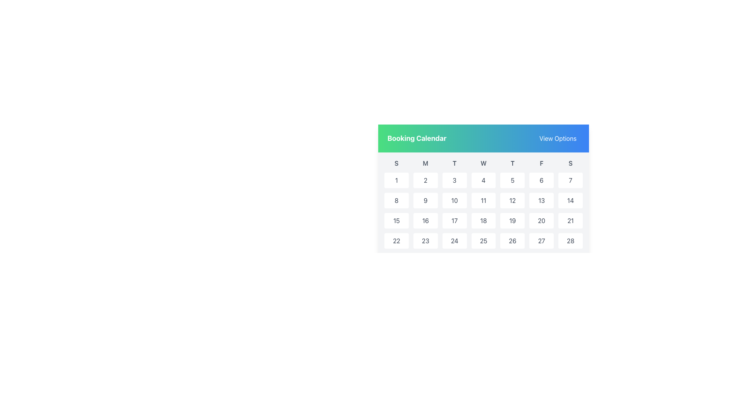  What do you see at coordinates (483, 180) in the screenshot?
I see `the text label displaying the number '4' located in the fourth cell of the first row under the column labeled 'W' in the calendar grid` at bounding box center [483, 180].